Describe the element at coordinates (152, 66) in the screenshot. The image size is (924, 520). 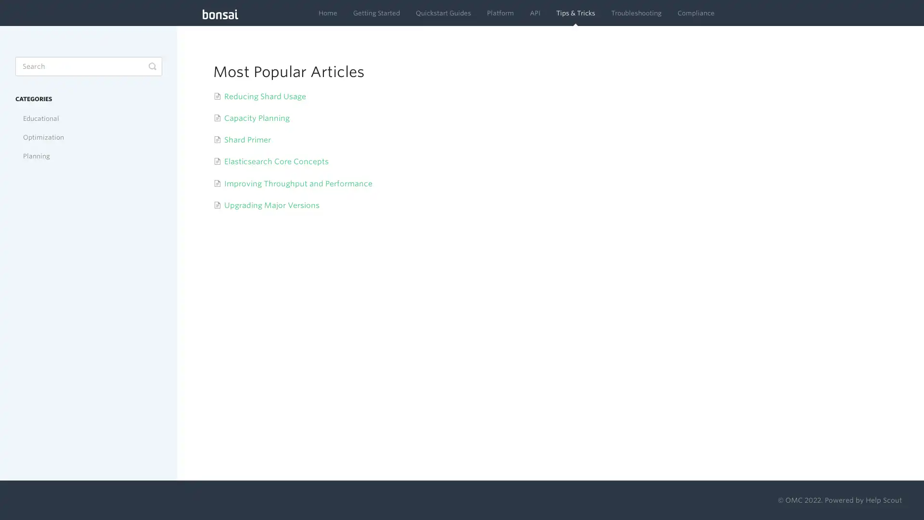
I see `Toggle Search` at that location.